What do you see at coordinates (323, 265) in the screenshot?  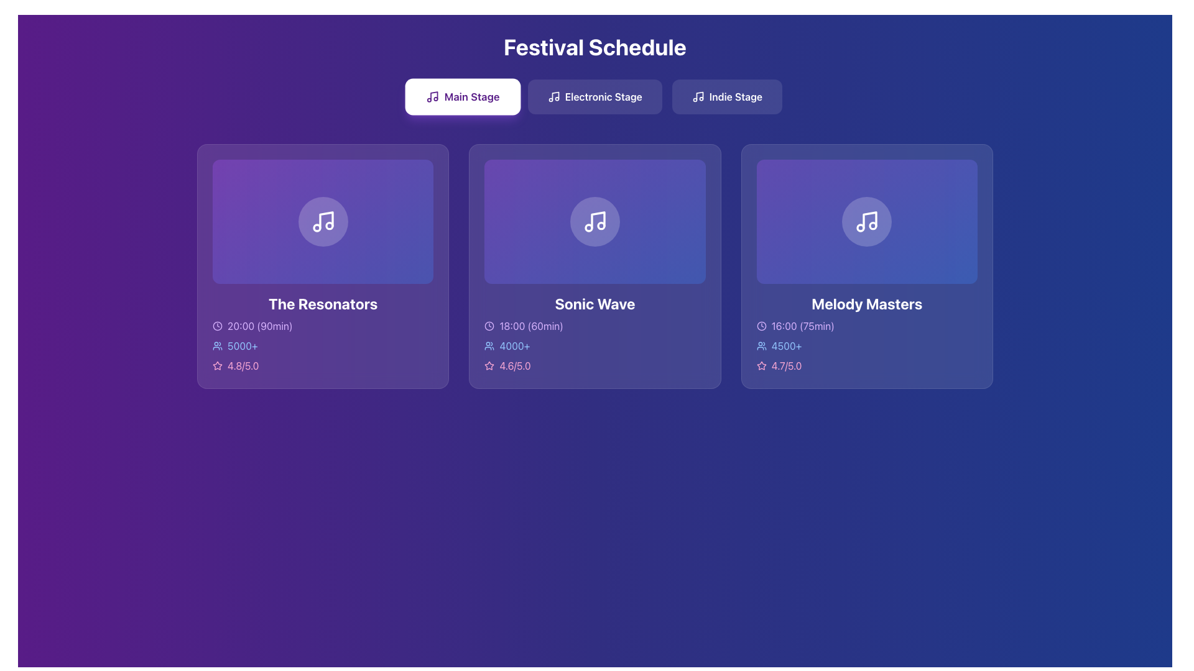 I see `the leftmost card in the grid layout representing a music event schedule` at bounding box center [323, 265].